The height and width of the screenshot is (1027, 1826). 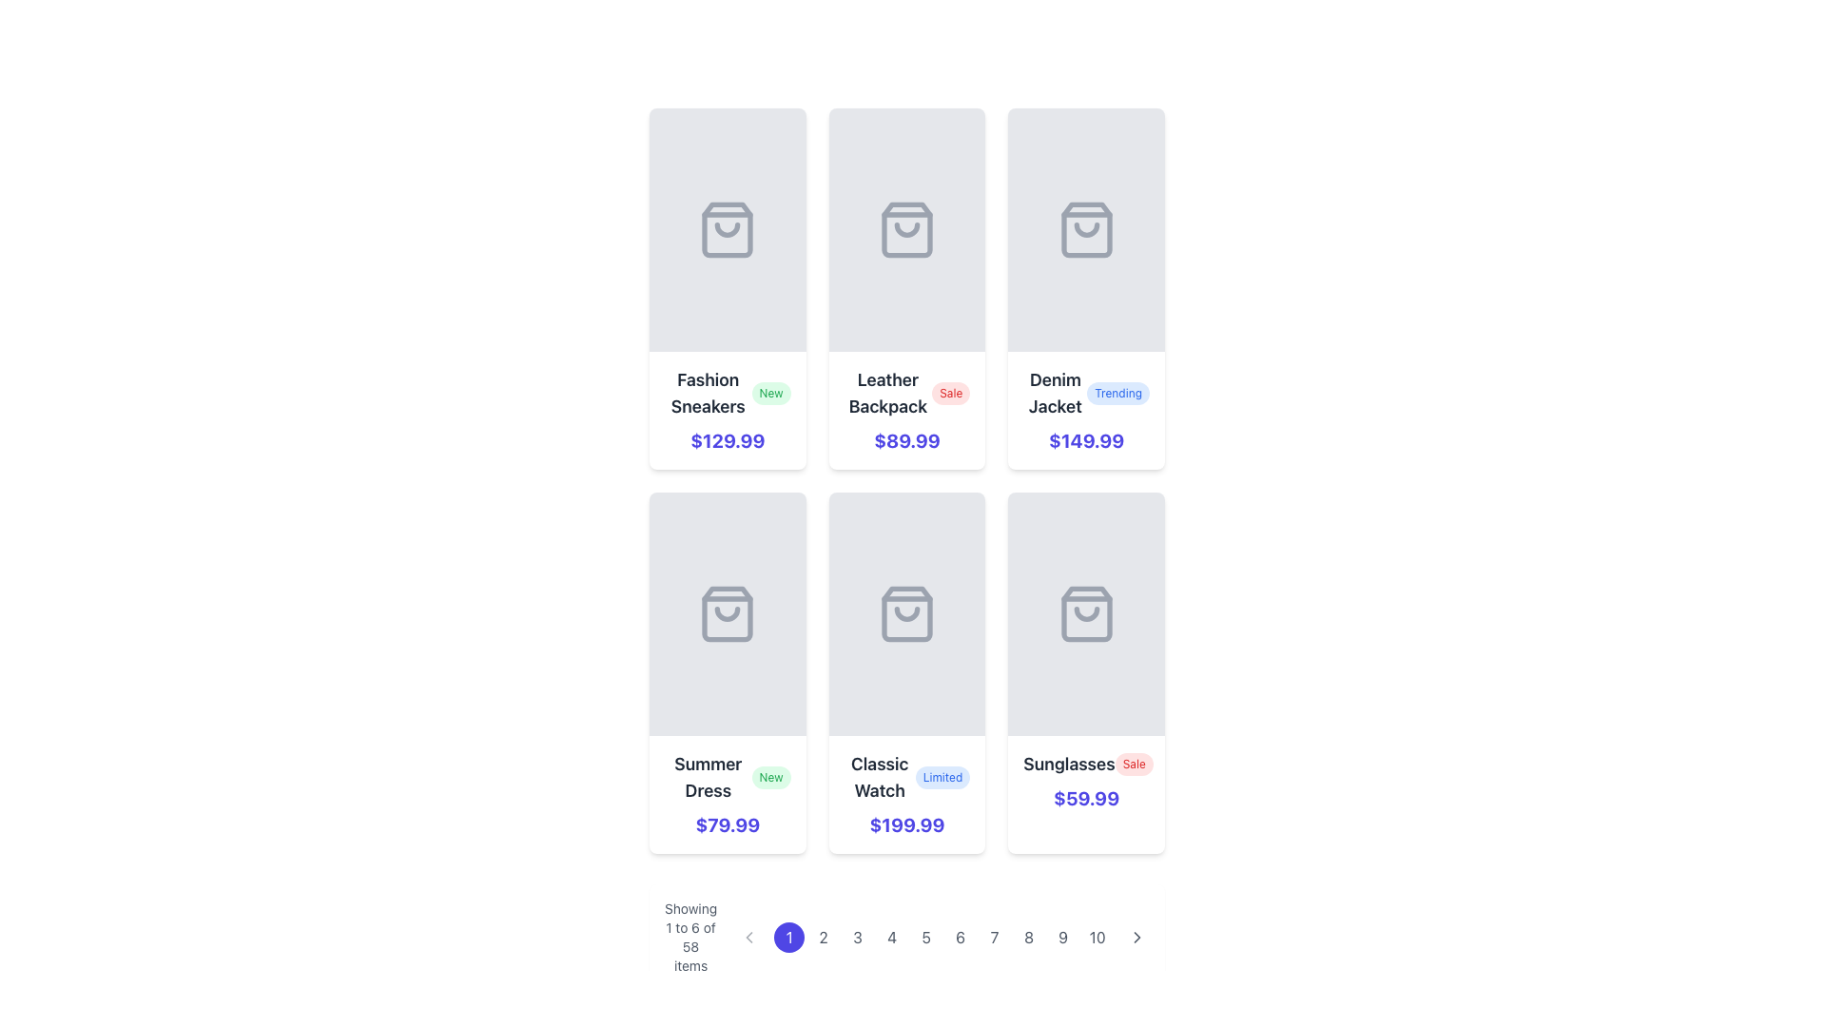 I want to click on the circular button displaying the numeral '4', so click(x=891, y=937).